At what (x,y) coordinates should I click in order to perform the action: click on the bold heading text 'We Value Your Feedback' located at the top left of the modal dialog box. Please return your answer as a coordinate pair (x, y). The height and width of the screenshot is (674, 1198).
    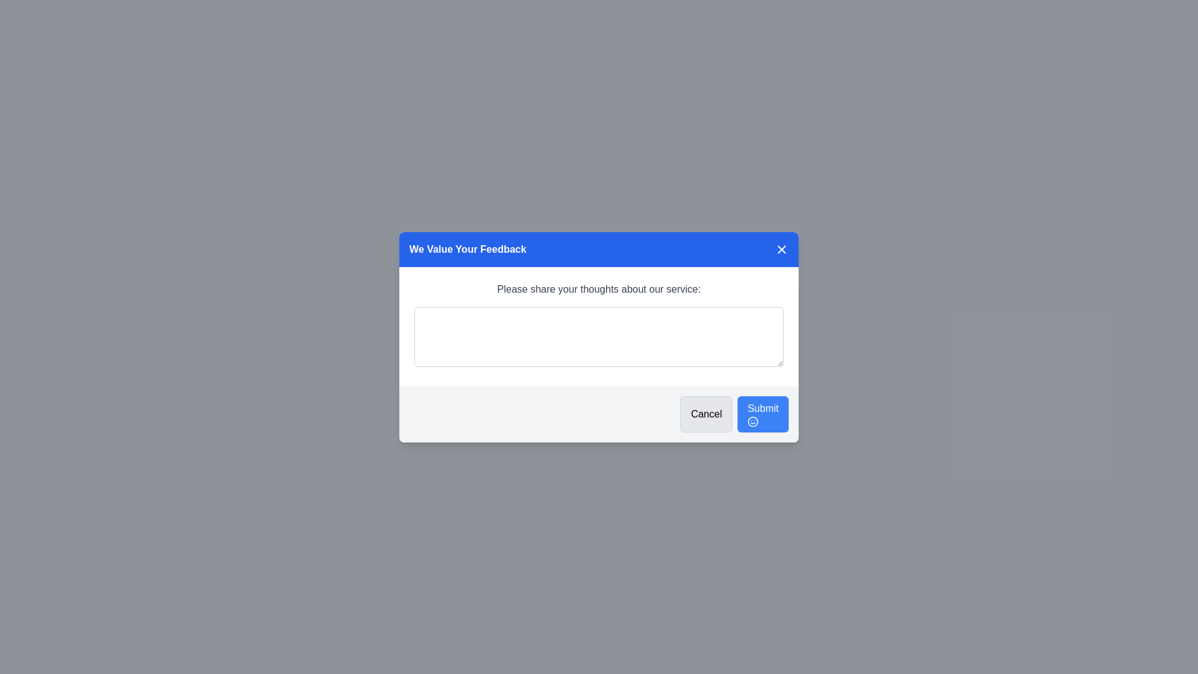
    Looking at the image, I should click on (467, 249).